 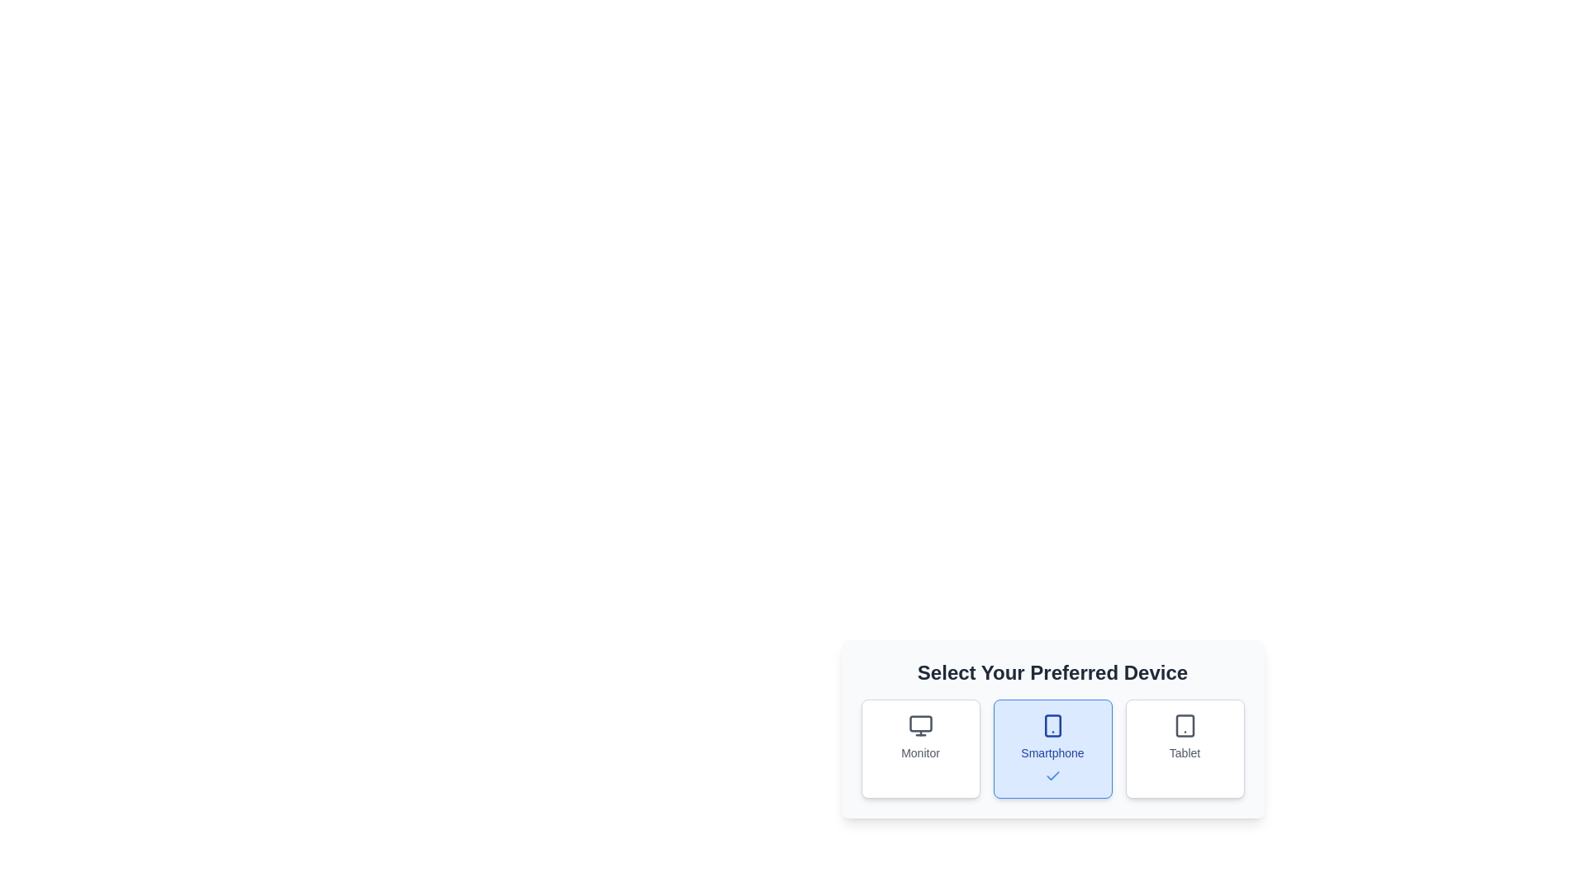 I want to click on the details of the selected state of the centrally located selectable card element for device selection in the dialog box, so click(x=1052, y=728).